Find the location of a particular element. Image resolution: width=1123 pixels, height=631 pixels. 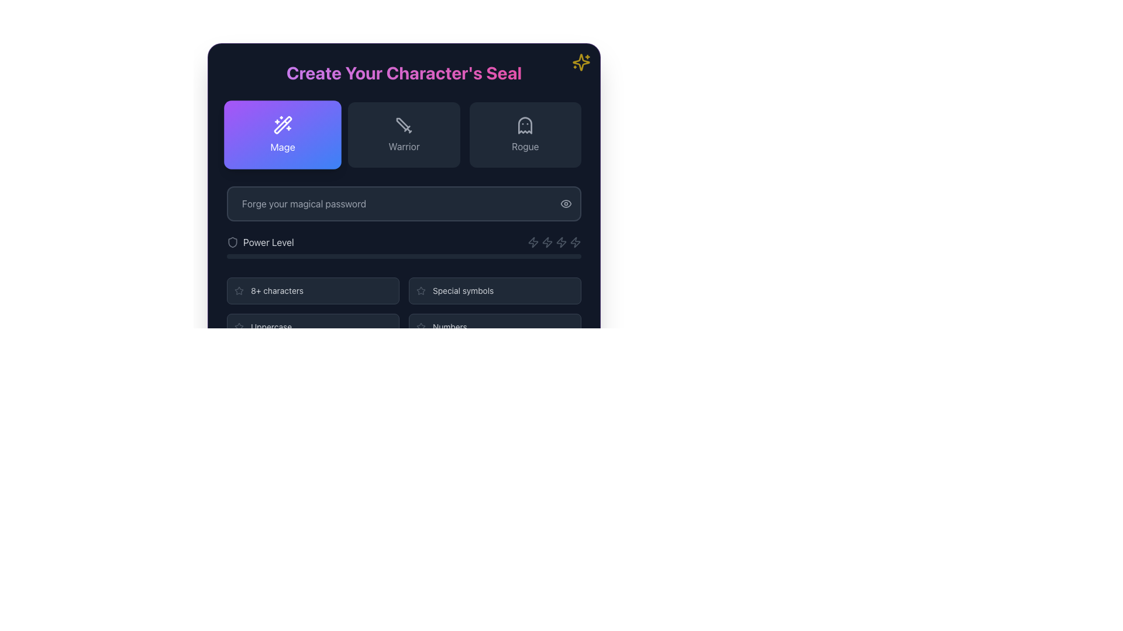

the static informational text displaying '8+ characters', which is styled in light gray and positioned to the right of a star icon is located at coordinates (277, 290).